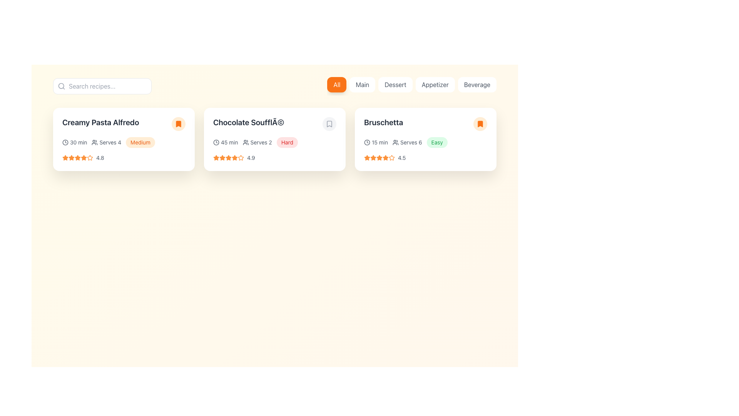  Describe the element at coordinates (425, 157) in the screenshot. I see `the rating information displayed for the 'Bruschetta' recipe, located at the bottom part of the recipe card beneath the duration and serving information` at that location.